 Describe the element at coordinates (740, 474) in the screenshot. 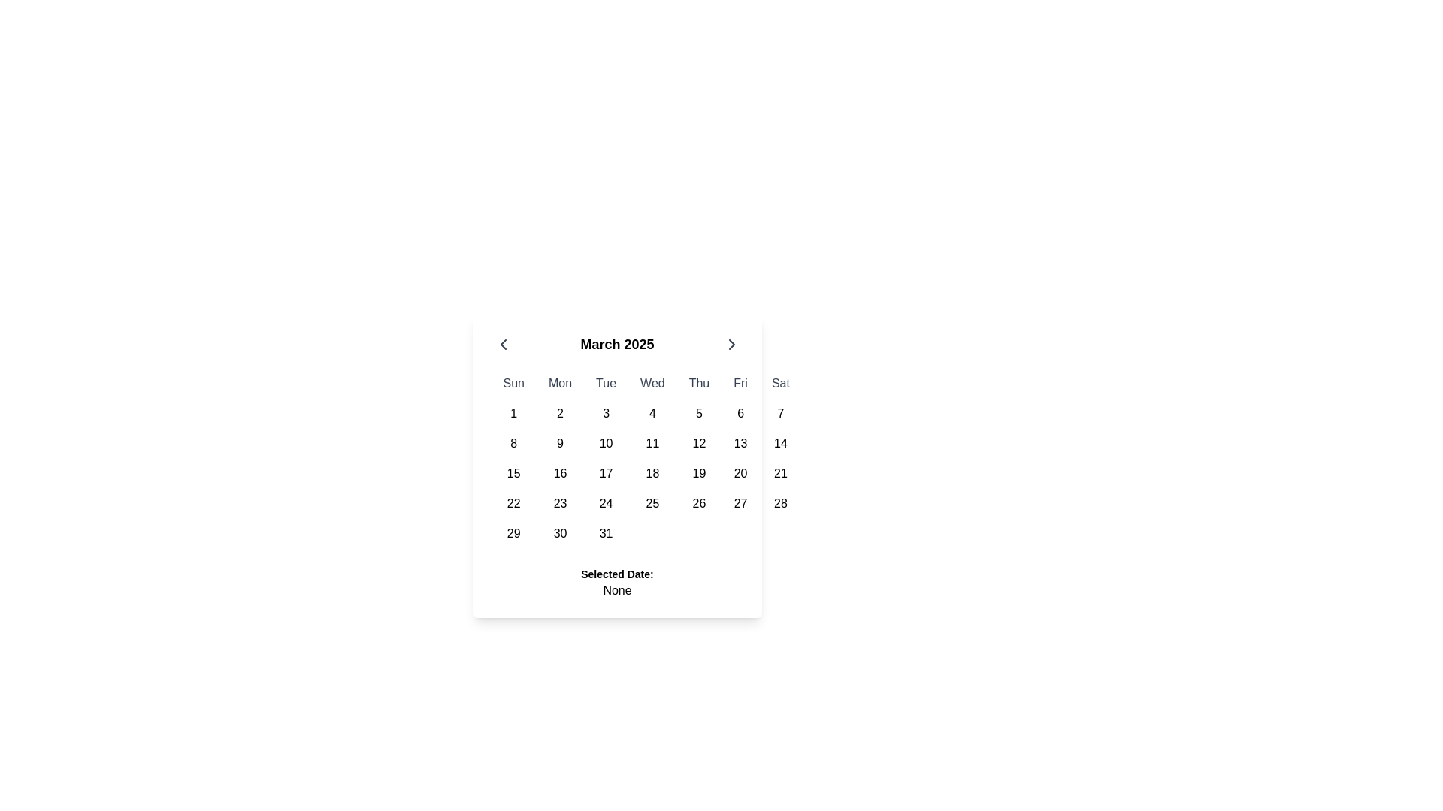

I see `the button-like clickable date element representing the date '20' in the calendar interface, specifically the sixth item in the horizontal list of dates` at that location.